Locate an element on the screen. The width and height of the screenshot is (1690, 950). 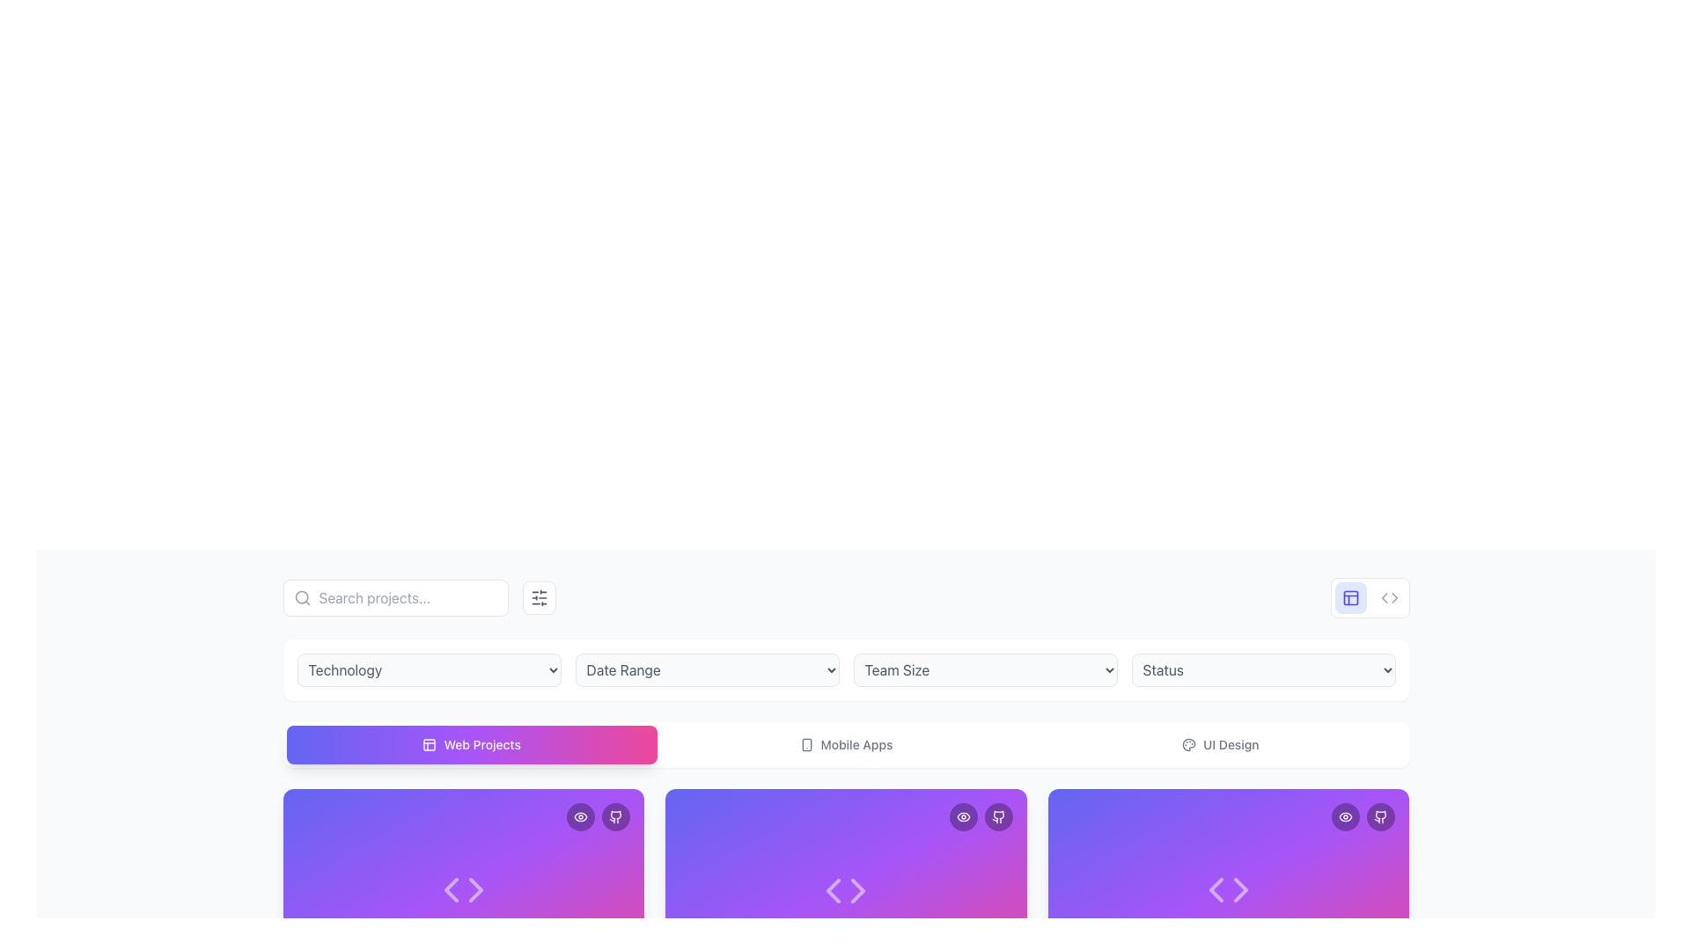
the 'Mobile Apps' button, which is a rectangular button with rounded corners and an icon of a smartphone is located at coordinates (846, 745).